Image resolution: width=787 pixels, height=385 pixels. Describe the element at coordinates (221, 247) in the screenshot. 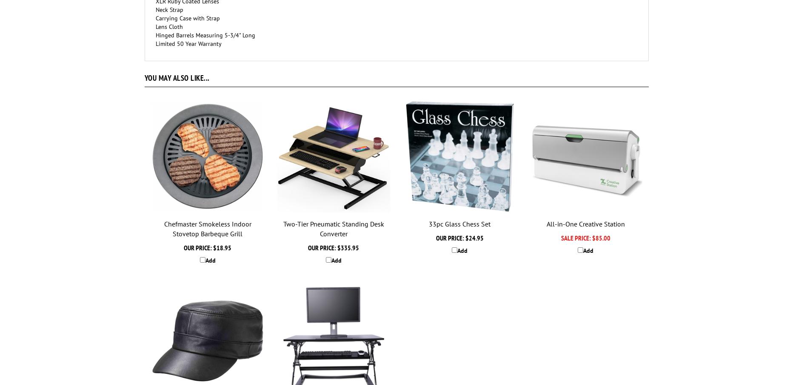

I see `'$18.95'` at that location.